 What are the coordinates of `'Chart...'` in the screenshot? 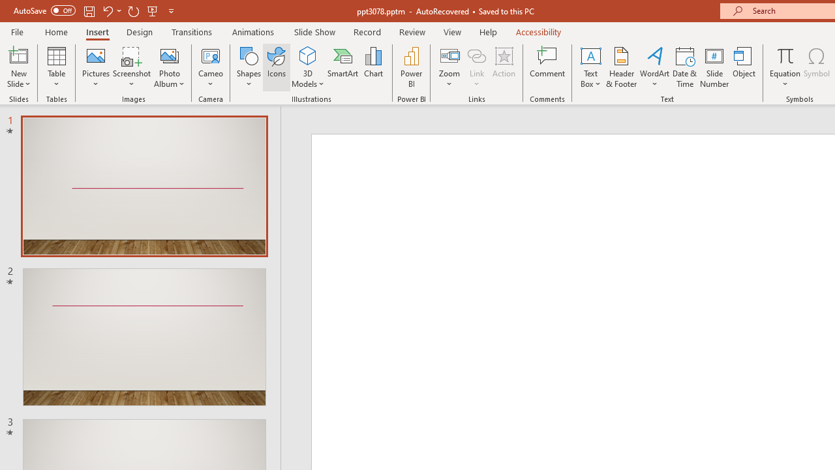 It's located at (372, 67).